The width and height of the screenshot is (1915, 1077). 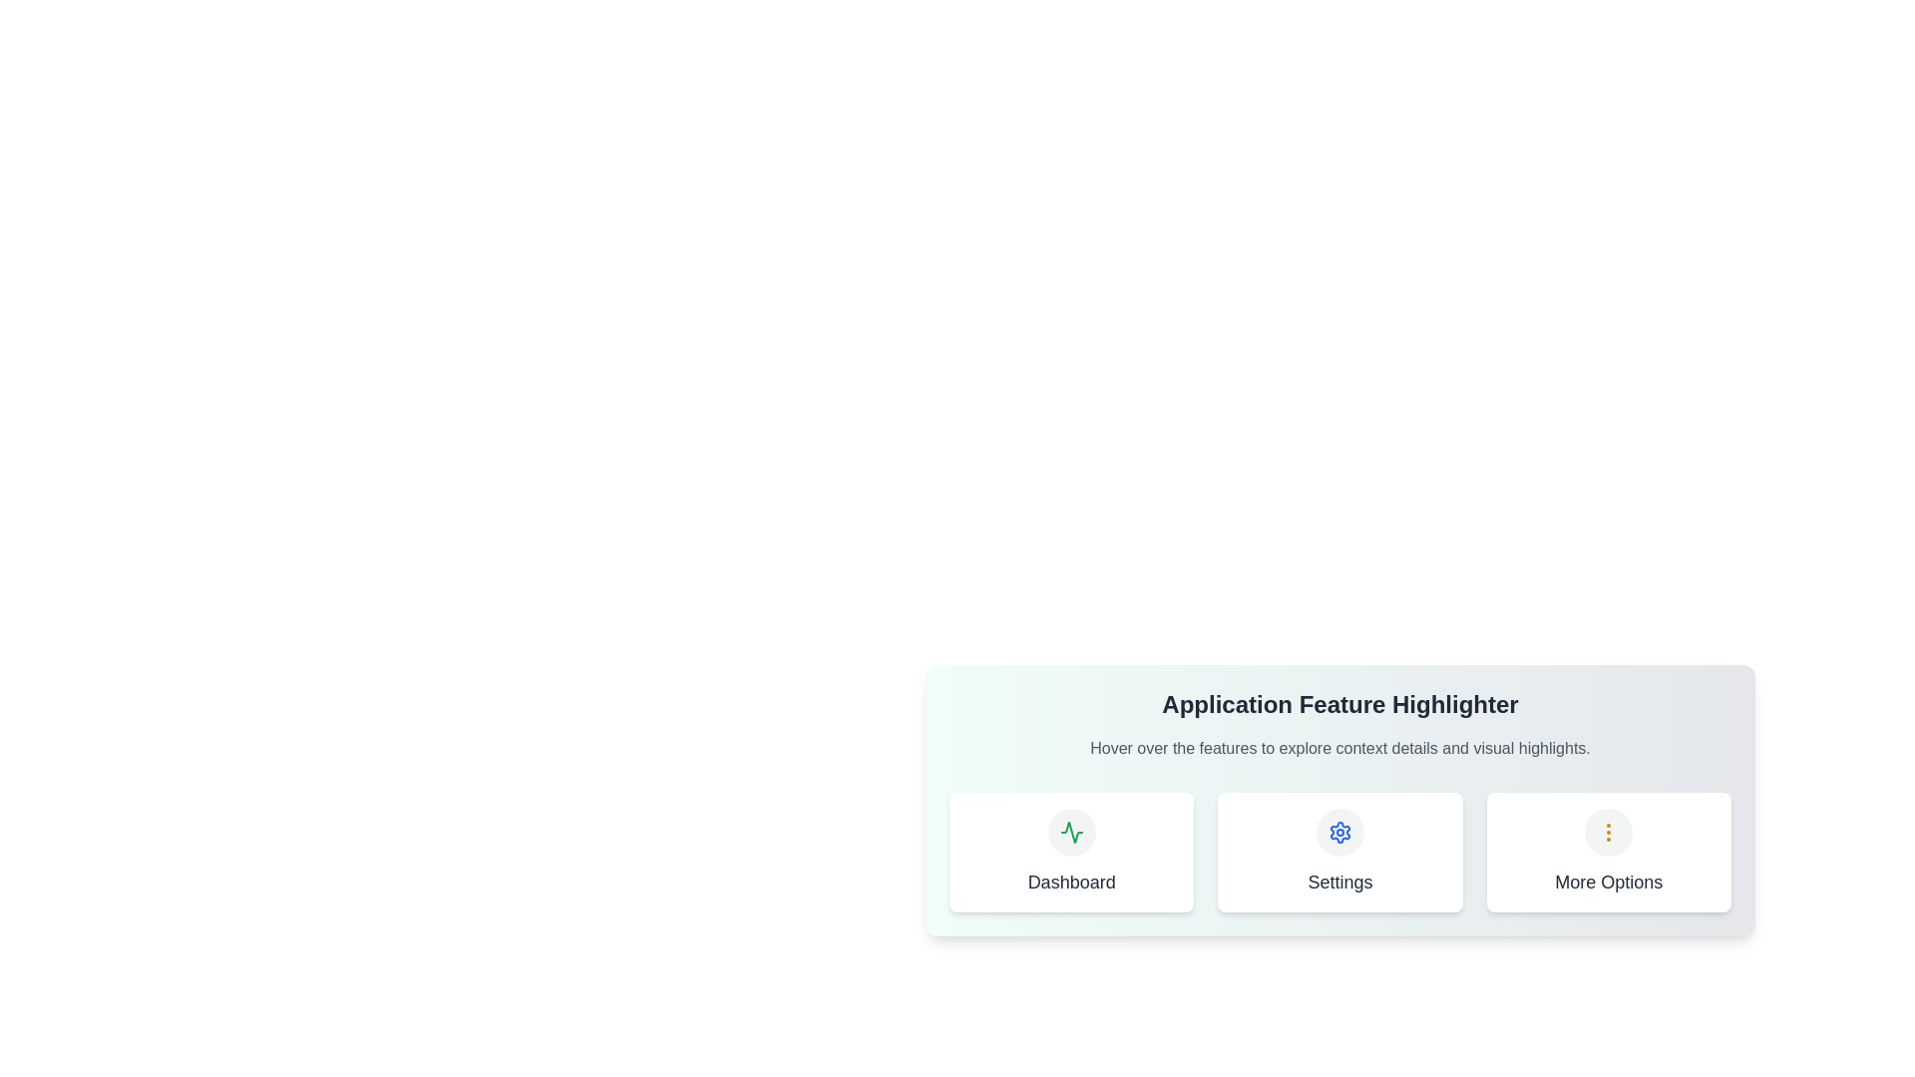 I want to click on the 'Settings' button, which is the second button in a row of three, featuring a cogwheel icon in blue and labeled in bold text, so click(x=1340, y=853).